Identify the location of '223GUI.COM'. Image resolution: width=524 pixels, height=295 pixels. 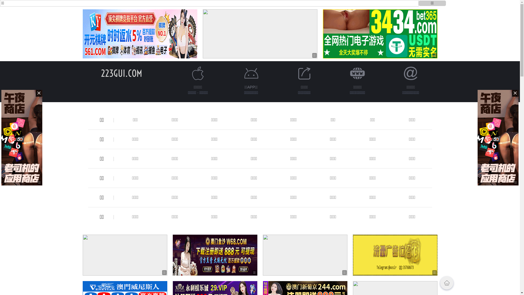
(101, 73).